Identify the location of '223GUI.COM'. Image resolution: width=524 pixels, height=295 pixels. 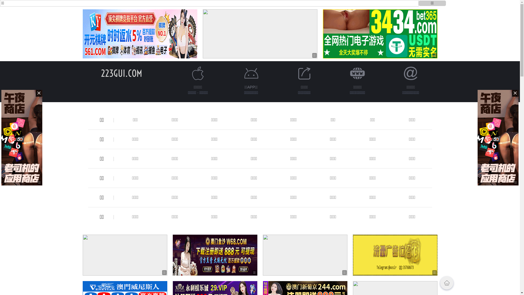
(101, 73).